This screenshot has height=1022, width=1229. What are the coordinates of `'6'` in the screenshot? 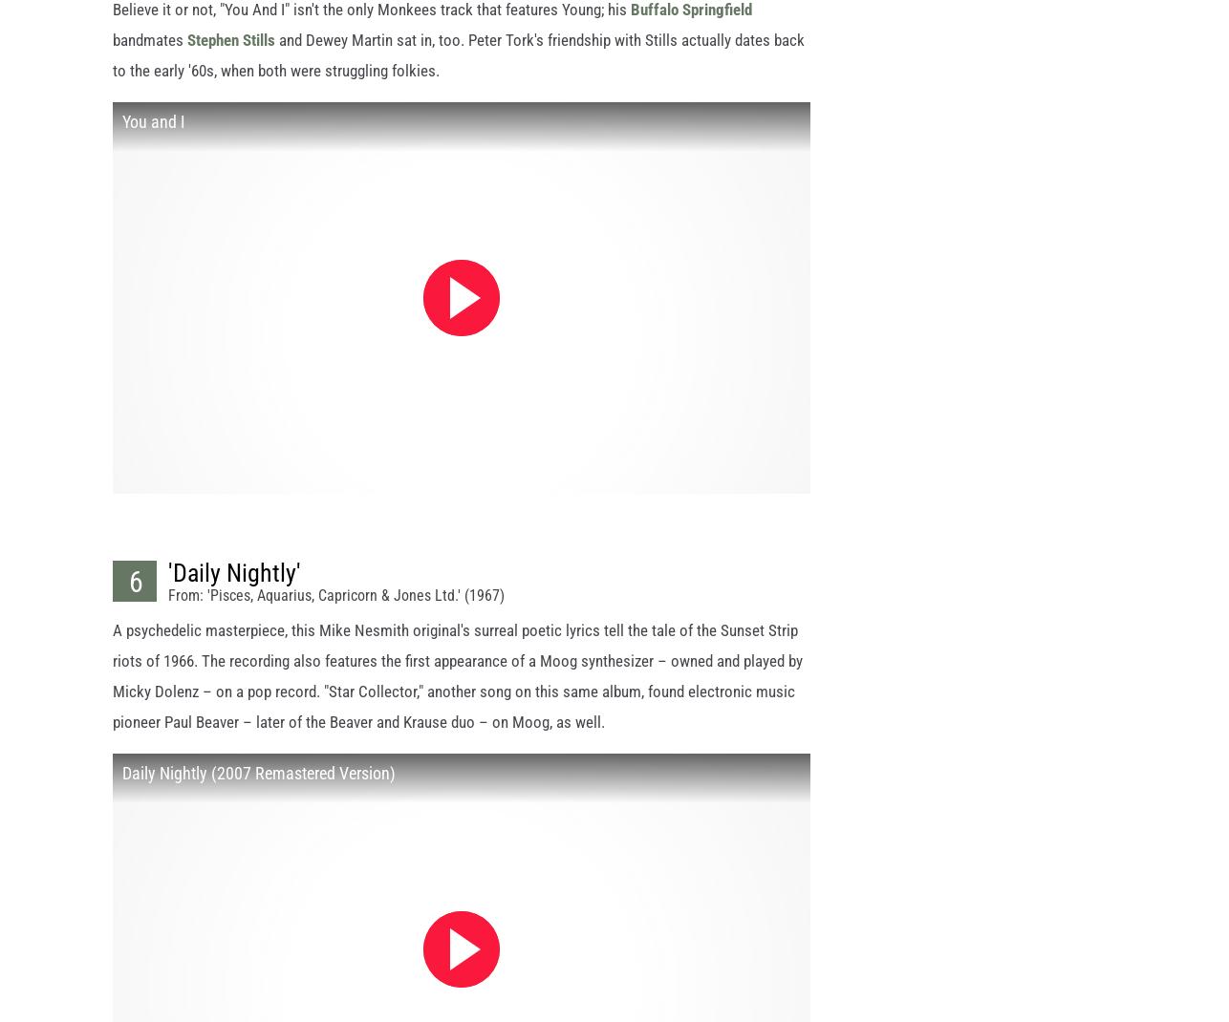 It's located at (135, 599).